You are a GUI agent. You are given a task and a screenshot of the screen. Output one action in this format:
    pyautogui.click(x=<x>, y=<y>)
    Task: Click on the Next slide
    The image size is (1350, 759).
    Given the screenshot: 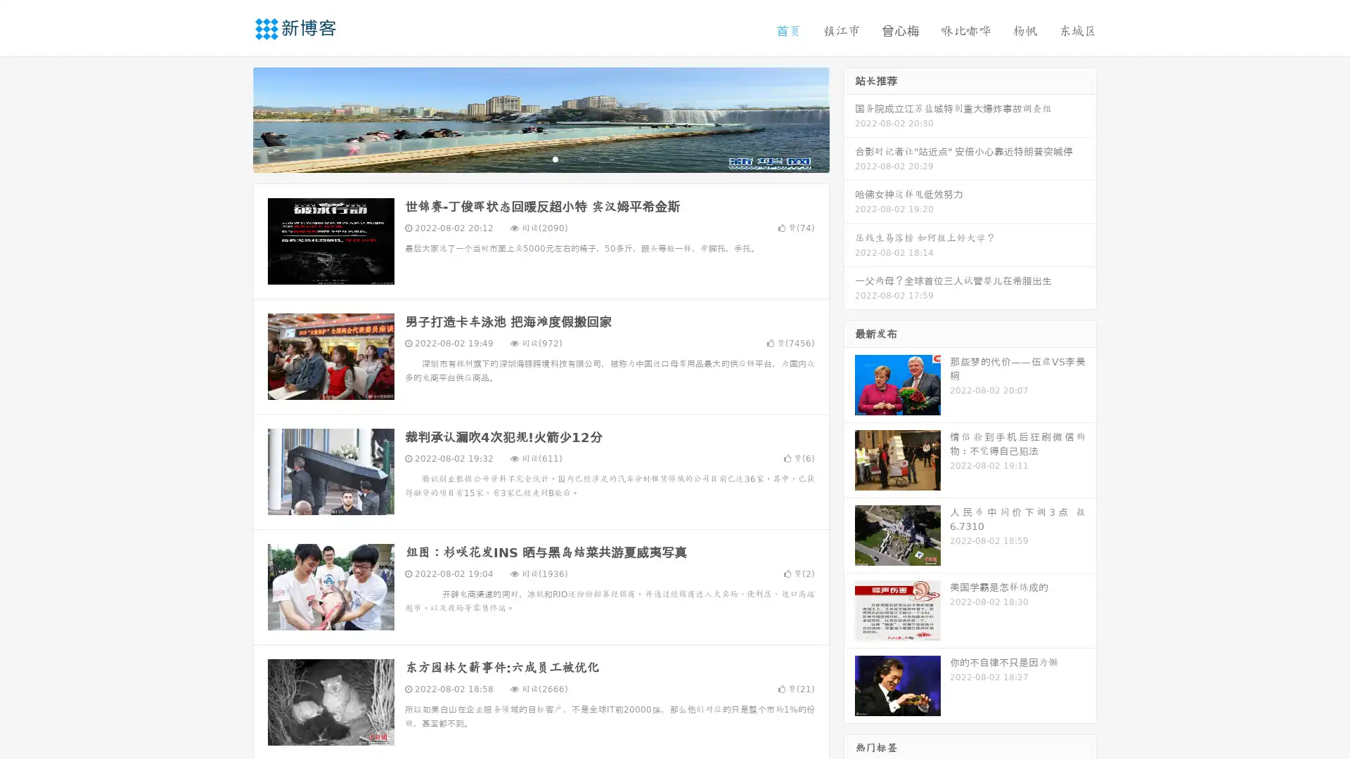 What is the action you would take?
    pyautogui.click(x=849, y=118)
    